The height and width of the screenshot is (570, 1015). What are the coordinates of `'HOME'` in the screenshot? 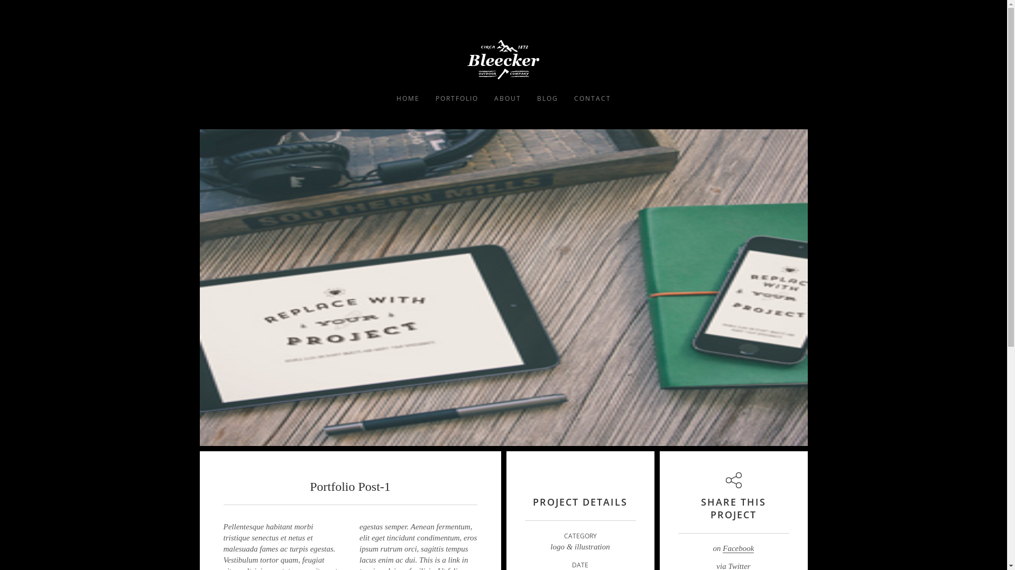 It's located at (407, 98).